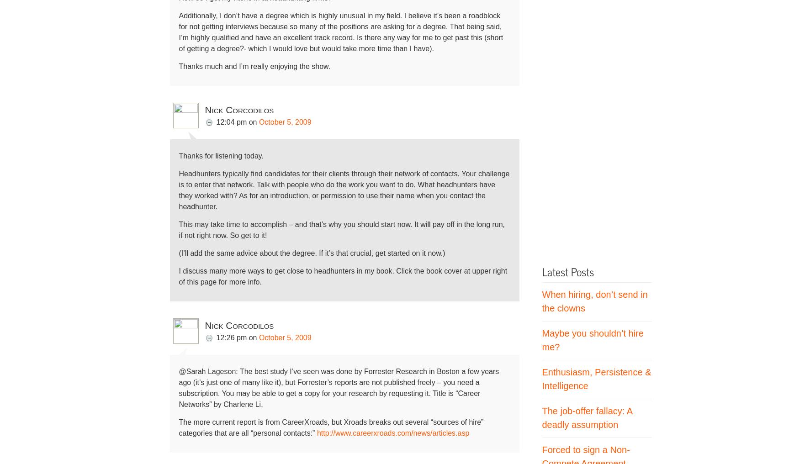  Describe the element at coordinates (541, 271) in the screenshot. I see `'Latest Posts'` at that location.